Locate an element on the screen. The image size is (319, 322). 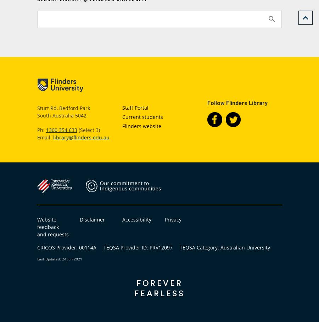
'1300 354 633' is located at coordinates (46, 130).